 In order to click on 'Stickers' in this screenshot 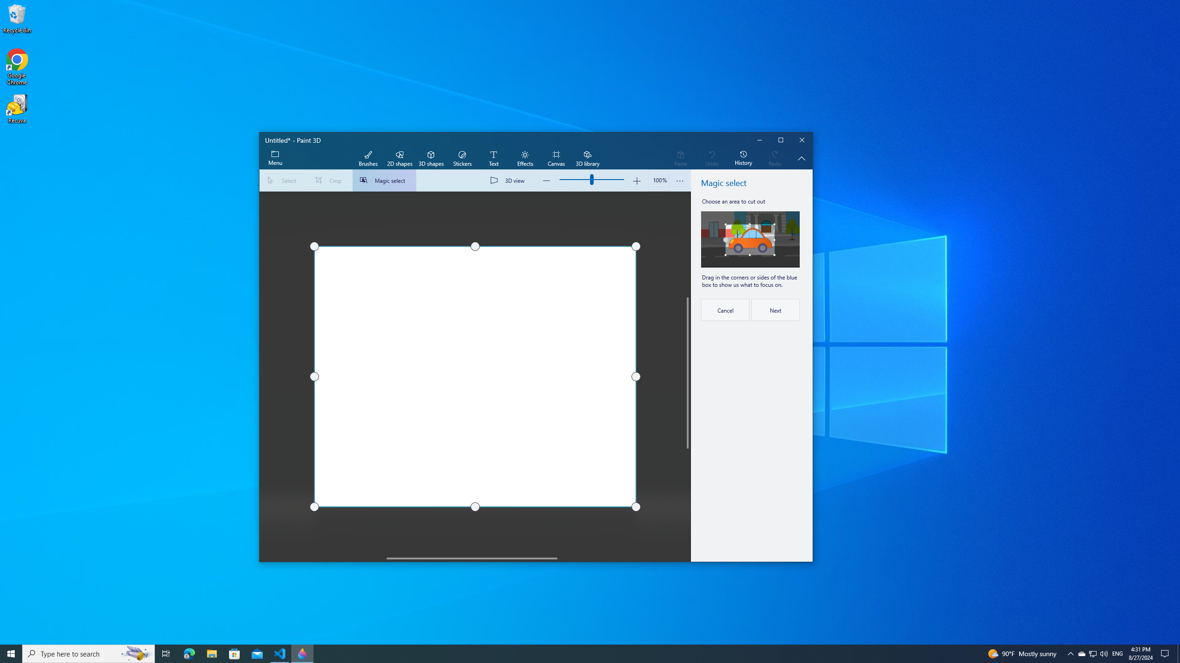, I will do `click(462, 158)`.